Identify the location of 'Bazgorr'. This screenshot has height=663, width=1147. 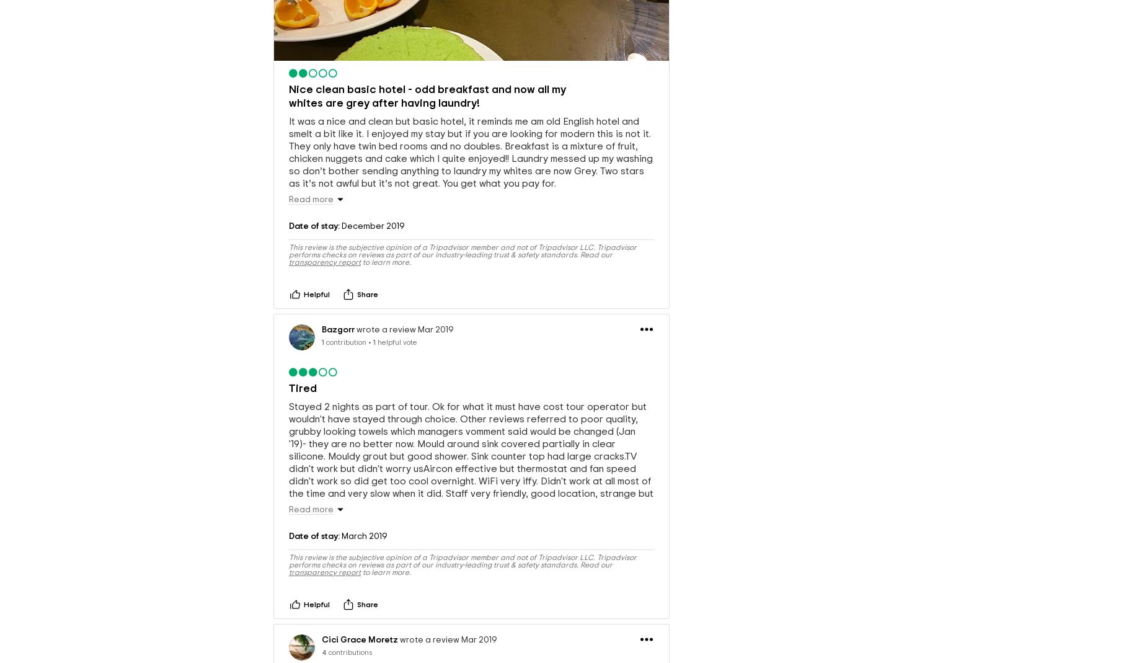
(338, 328).